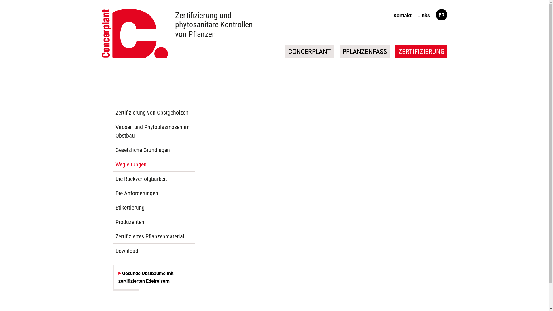 The height and width of the screenshot is (311, 553). I want to click on 'Gesetzliche Grundlagen', so click(153, 149).